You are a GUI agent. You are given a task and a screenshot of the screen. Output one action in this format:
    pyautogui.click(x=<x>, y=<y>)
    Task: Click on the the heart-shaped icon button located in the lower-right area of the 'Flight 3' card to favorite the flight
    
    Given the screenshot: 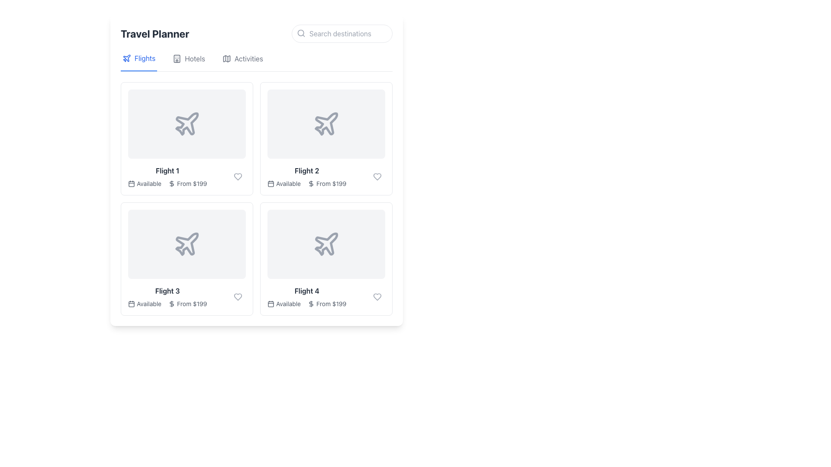 What is the action you would take?
    pyautogui.click(x=238, y=296)
    